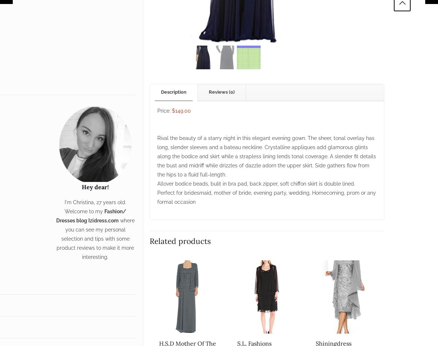 The width and height of the screenshot is (438, 346). I want to click on '$149.00', so click(180, 110).